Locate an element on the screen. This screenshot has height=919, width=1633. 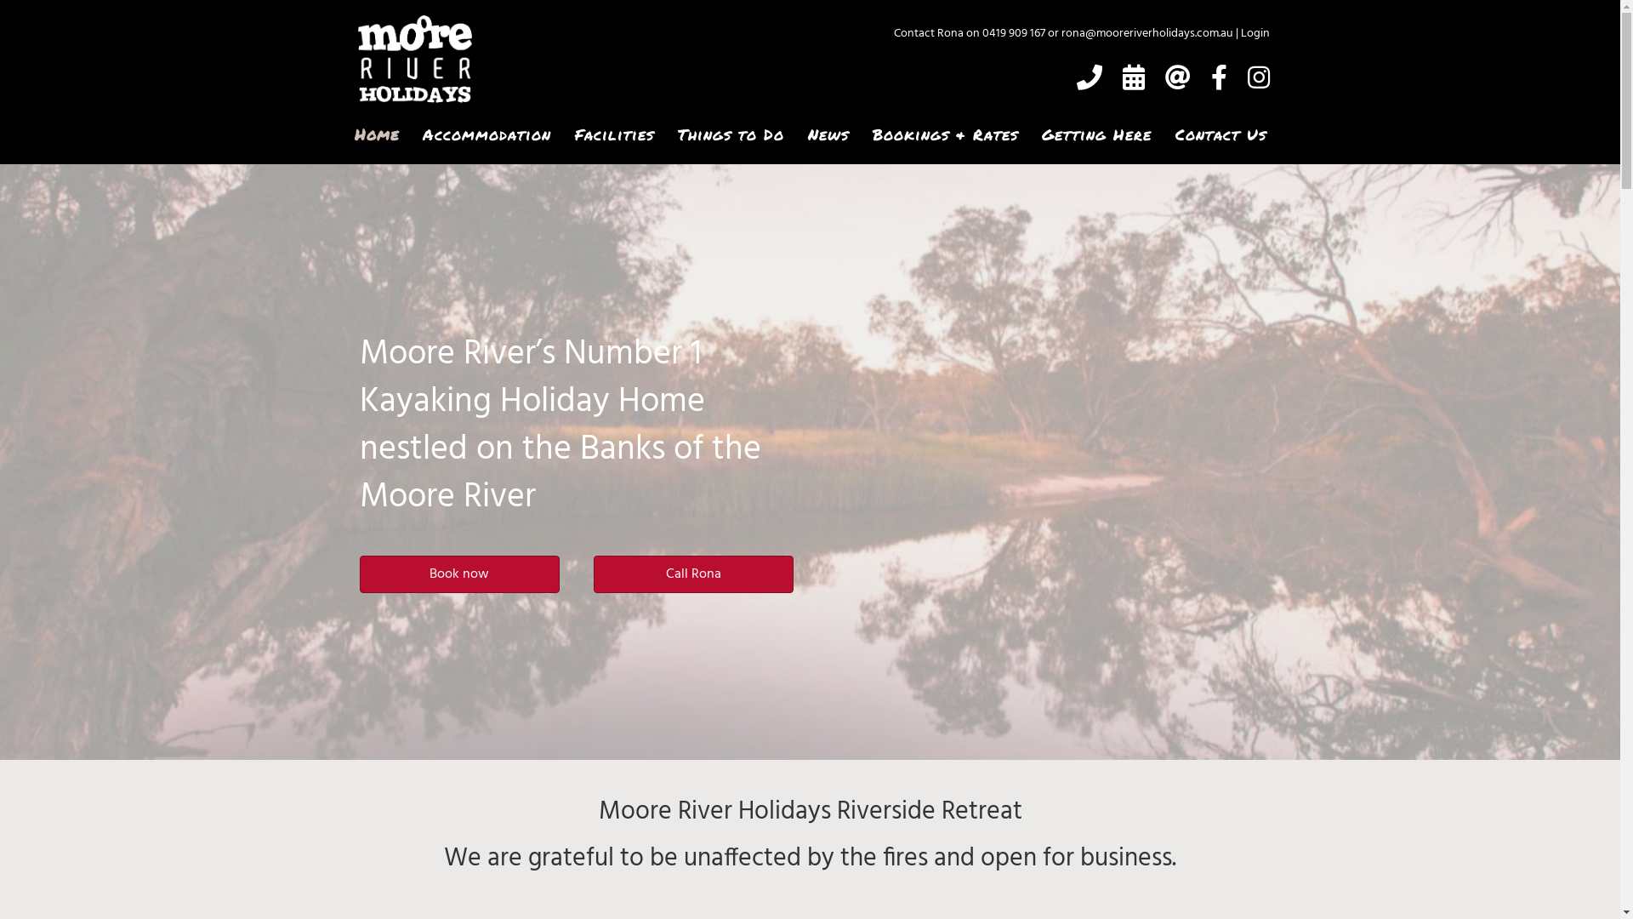
'Getting Here' is located at coordinates (1096, 134).